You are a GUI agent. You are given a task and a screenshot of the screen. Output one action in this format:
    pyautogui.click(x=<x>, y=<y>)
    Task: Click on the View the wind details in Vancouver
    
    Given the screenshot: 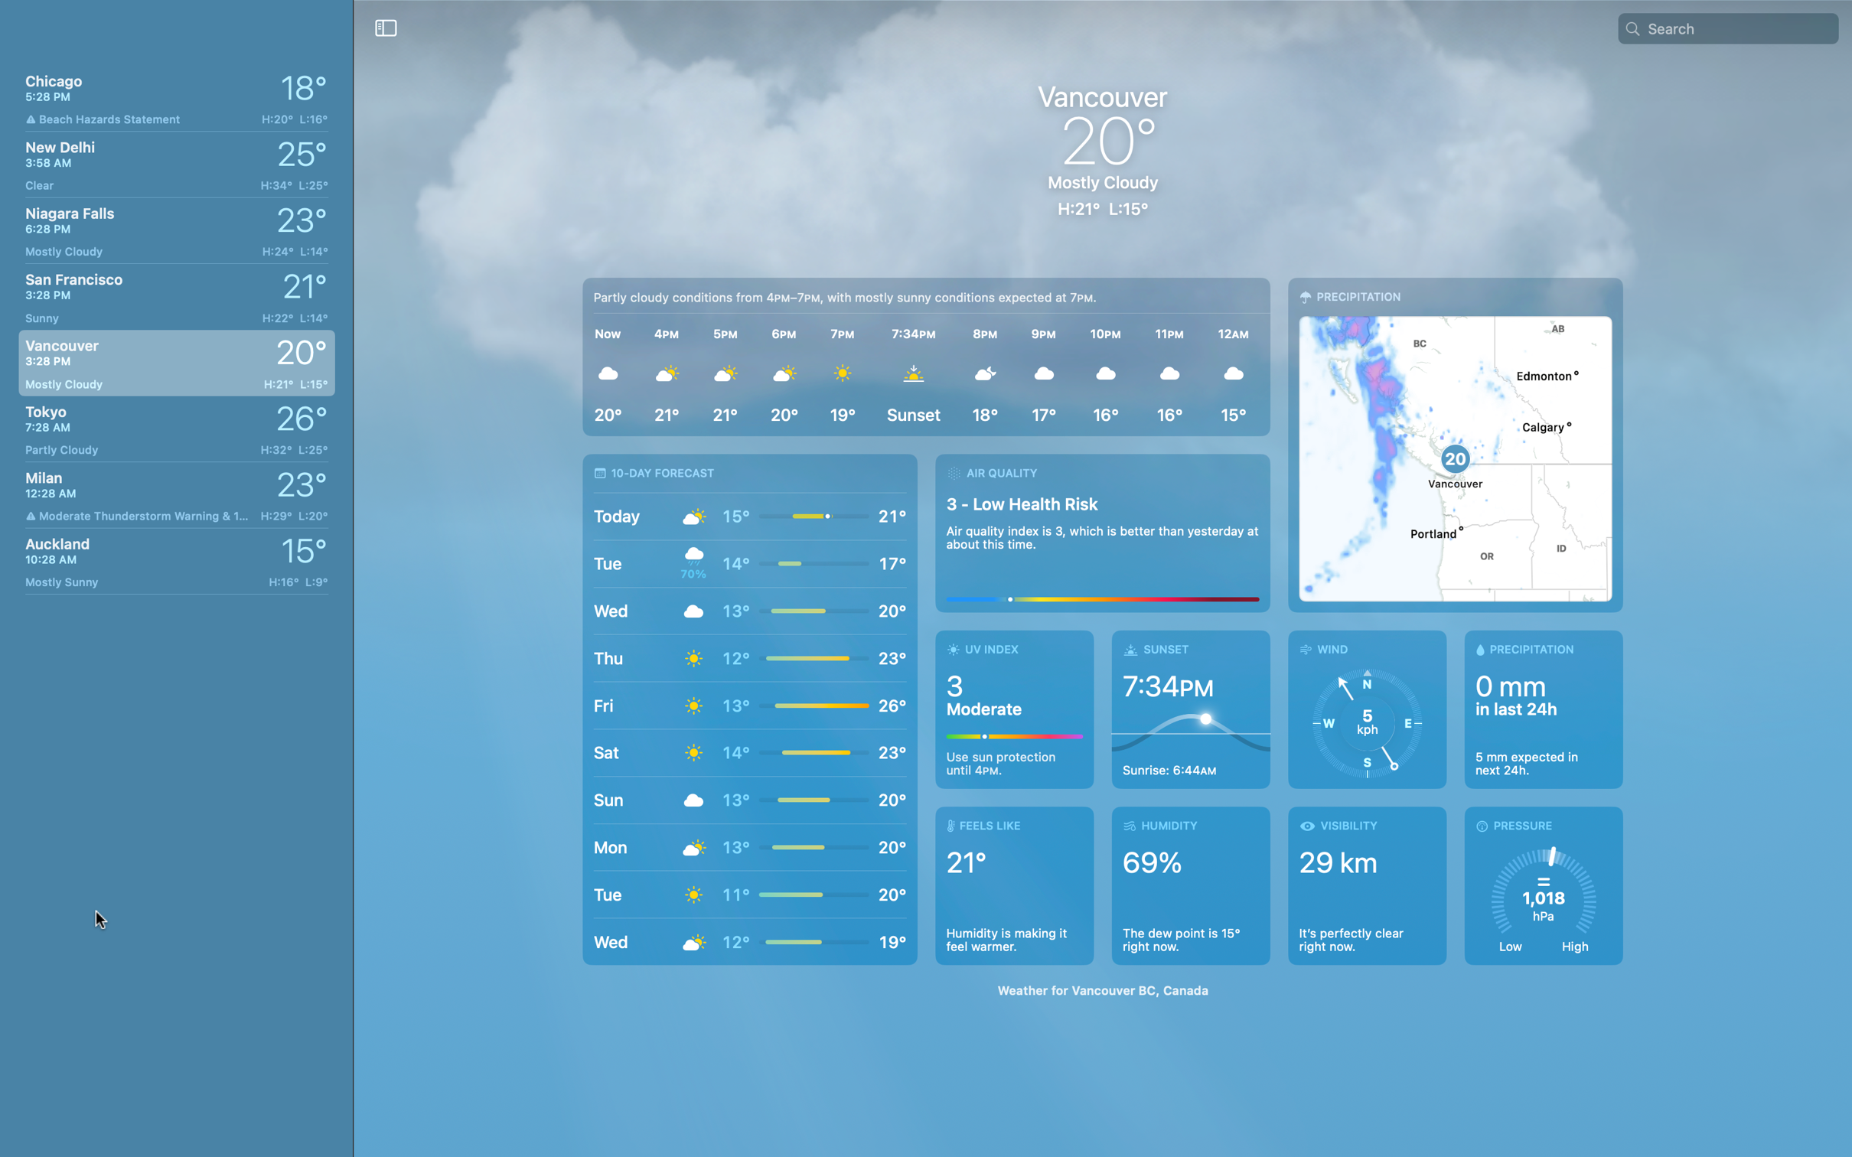 What is the action you would take?
    pyautogui.click(x=1366, y=709)
    